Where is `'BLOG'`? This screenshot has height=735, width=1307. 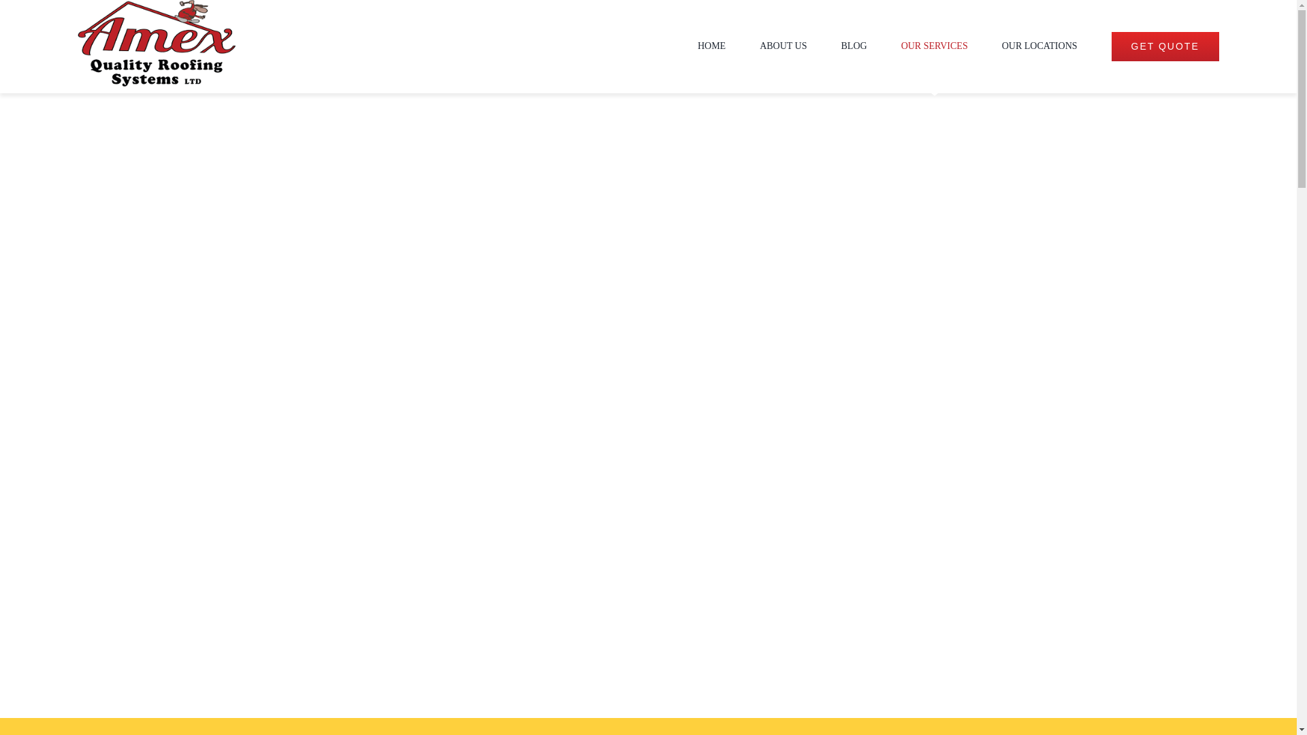
'BLOG' is located at coordinates (853, 46).